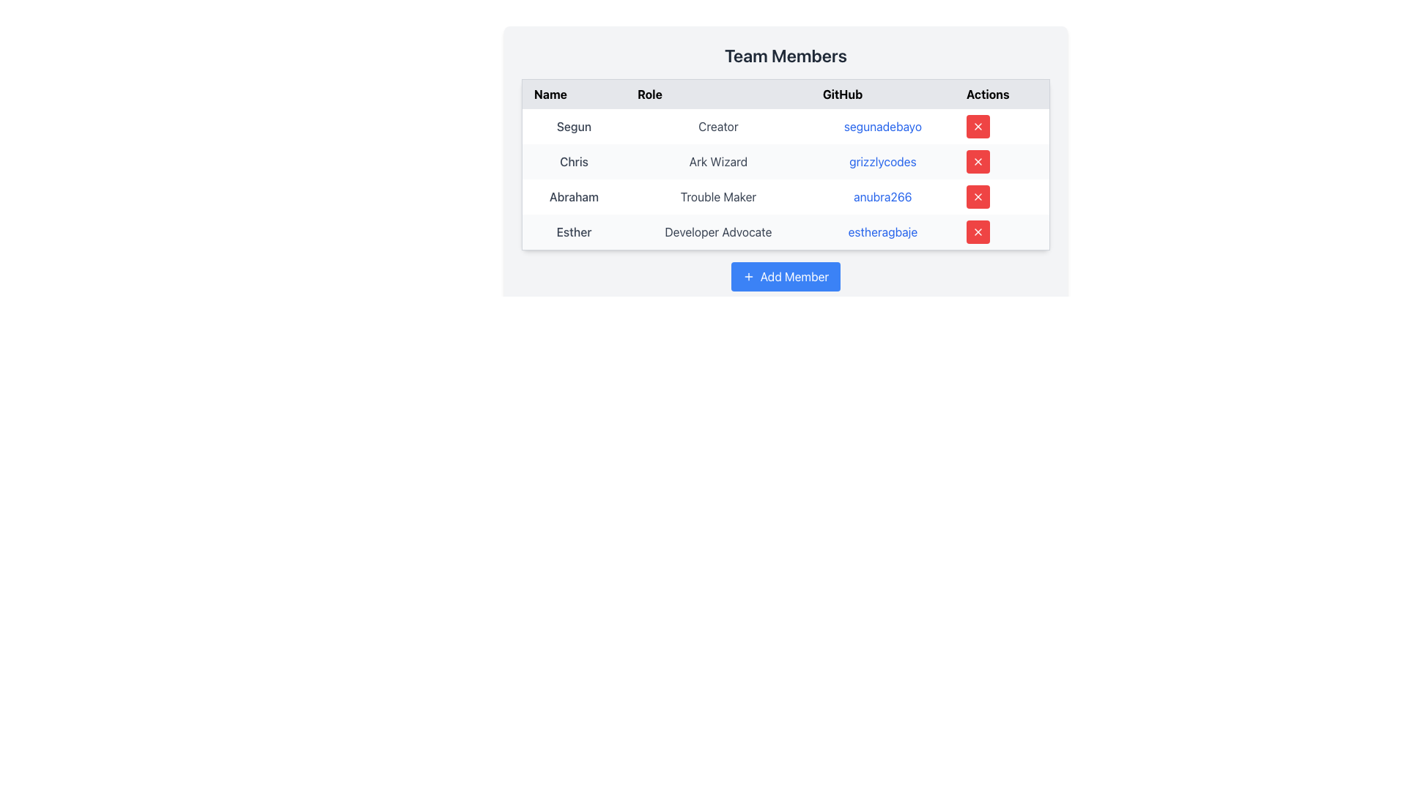  I want to click on the deletion button in the 'Actions' column of the table for team member 'Esther', so click(978, 231).